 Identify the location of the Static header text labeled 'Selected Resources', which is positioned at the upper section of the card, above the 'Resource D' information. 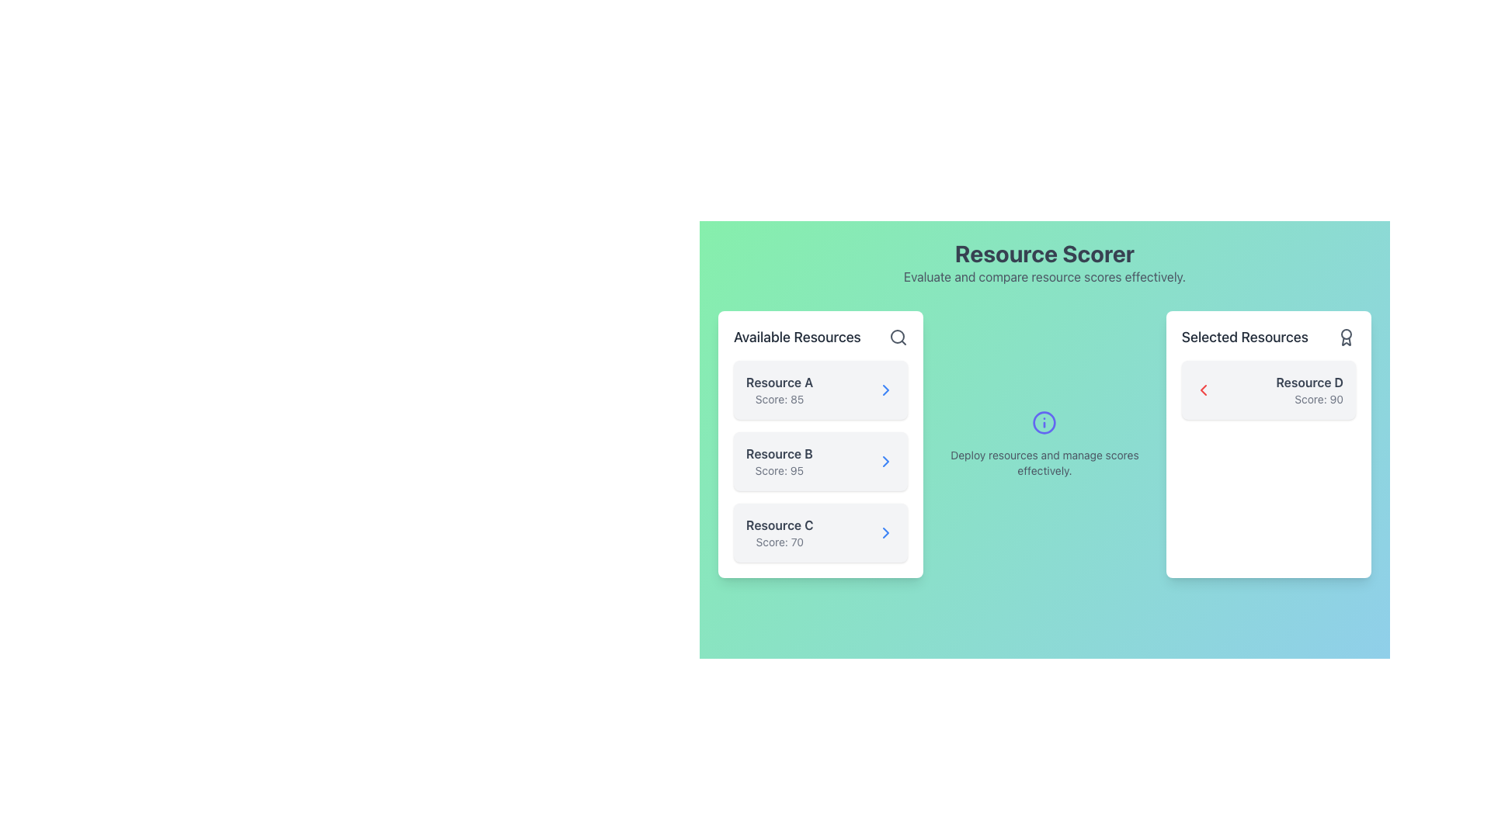
(1268, 337).